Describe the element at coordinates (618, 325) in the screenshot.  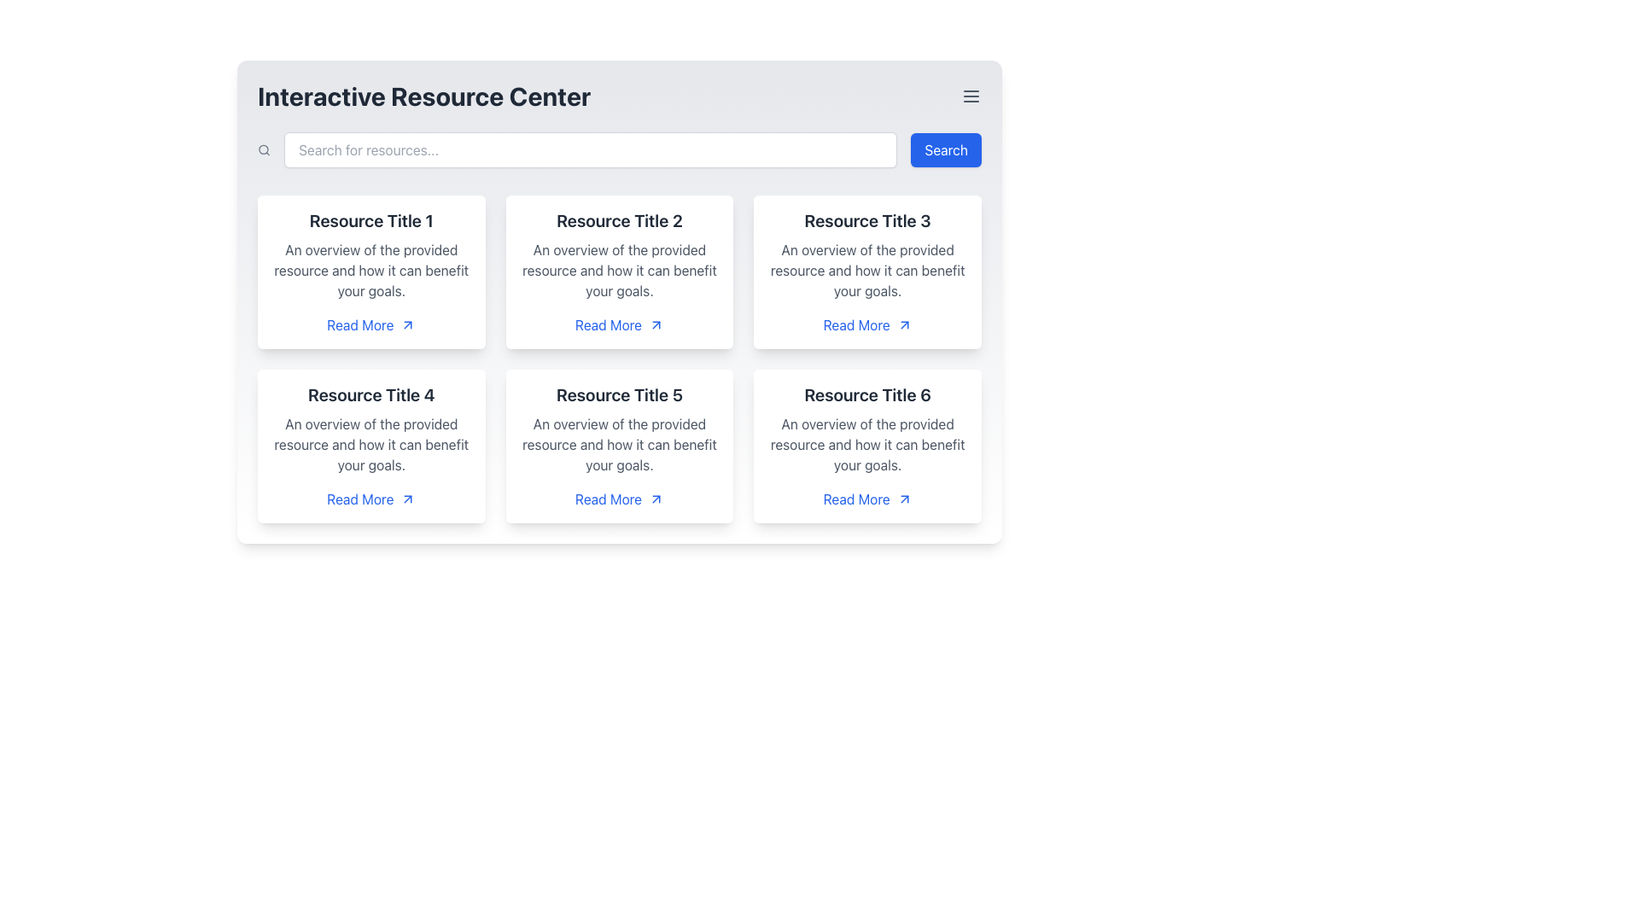
I see `the blue-colored text link 'Read More' located in the second row, second column of the grid layout, beneath the description text 'An overview of the provided resource and how it can benefit your goals.'` at that location.